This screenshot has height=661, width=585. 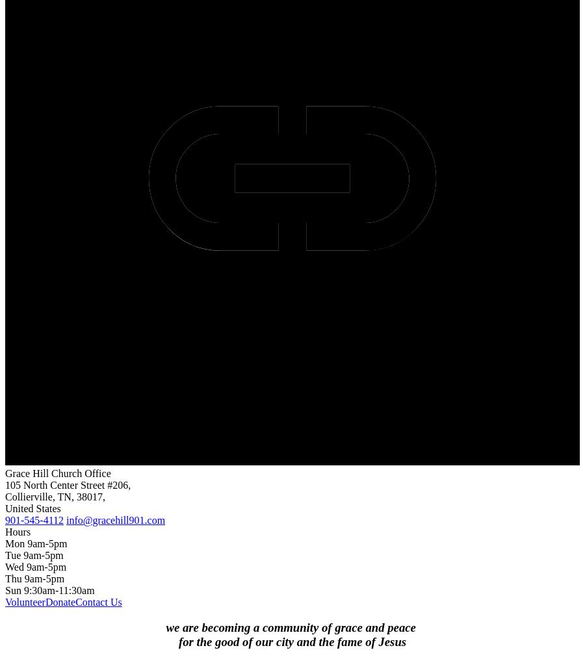 I want to click on 'Donate', so click(x=44, y=601).